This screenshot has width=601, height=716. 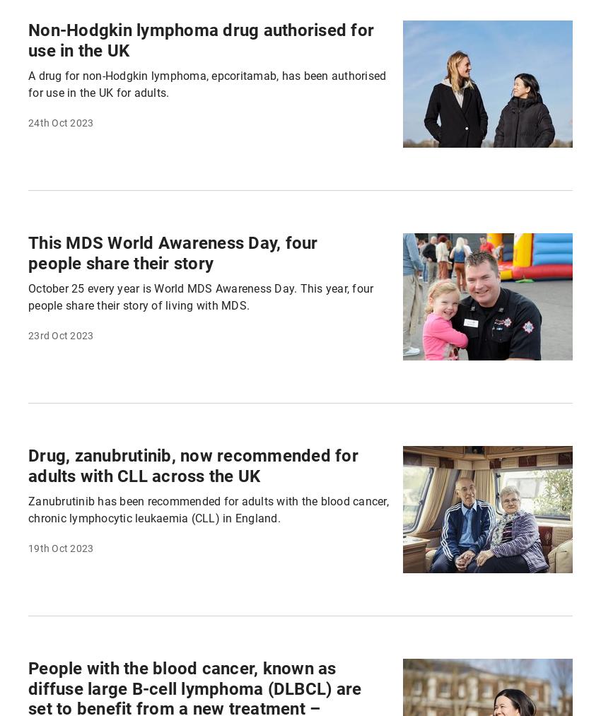 I want to click on 'Lottery', so click(x=338, y=47).